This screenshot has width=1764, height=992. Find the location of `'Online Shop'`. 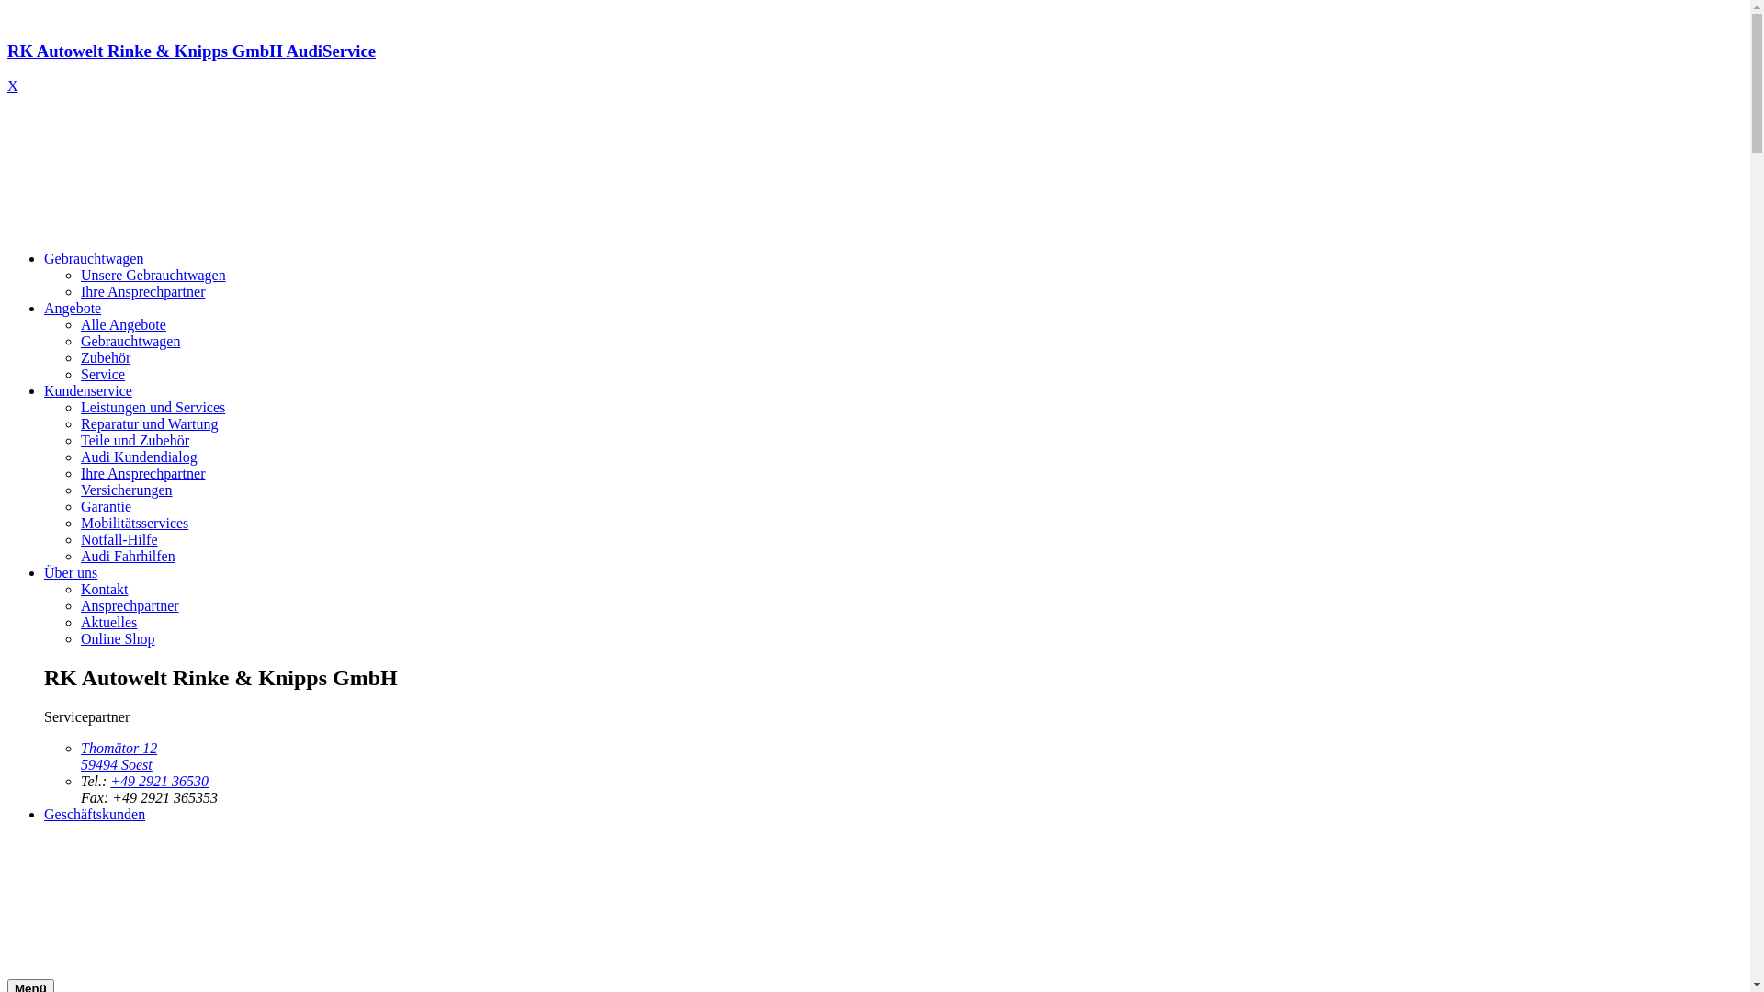

'Online Shop' is located at coordinates (117, 637).